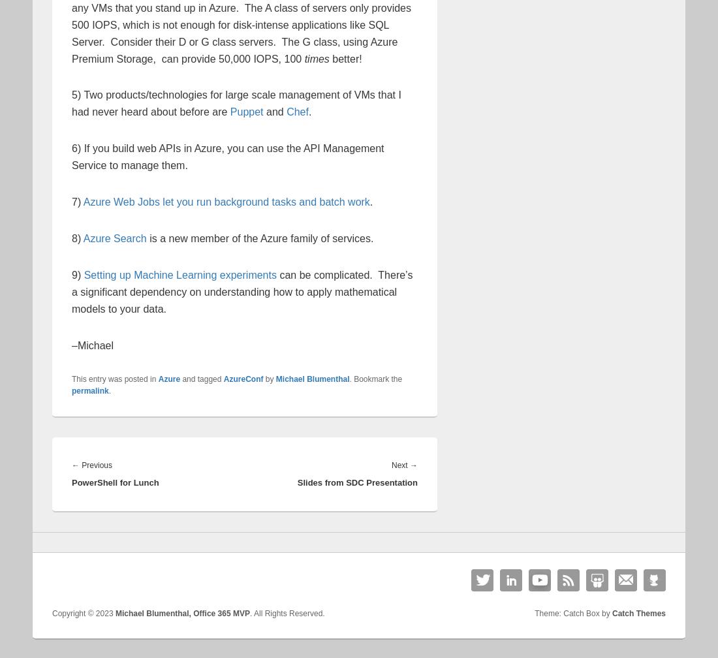 This screenshot has width=718, height=658. I want to click on 'Setting up Machine Learning experiments', so click(179, 274).